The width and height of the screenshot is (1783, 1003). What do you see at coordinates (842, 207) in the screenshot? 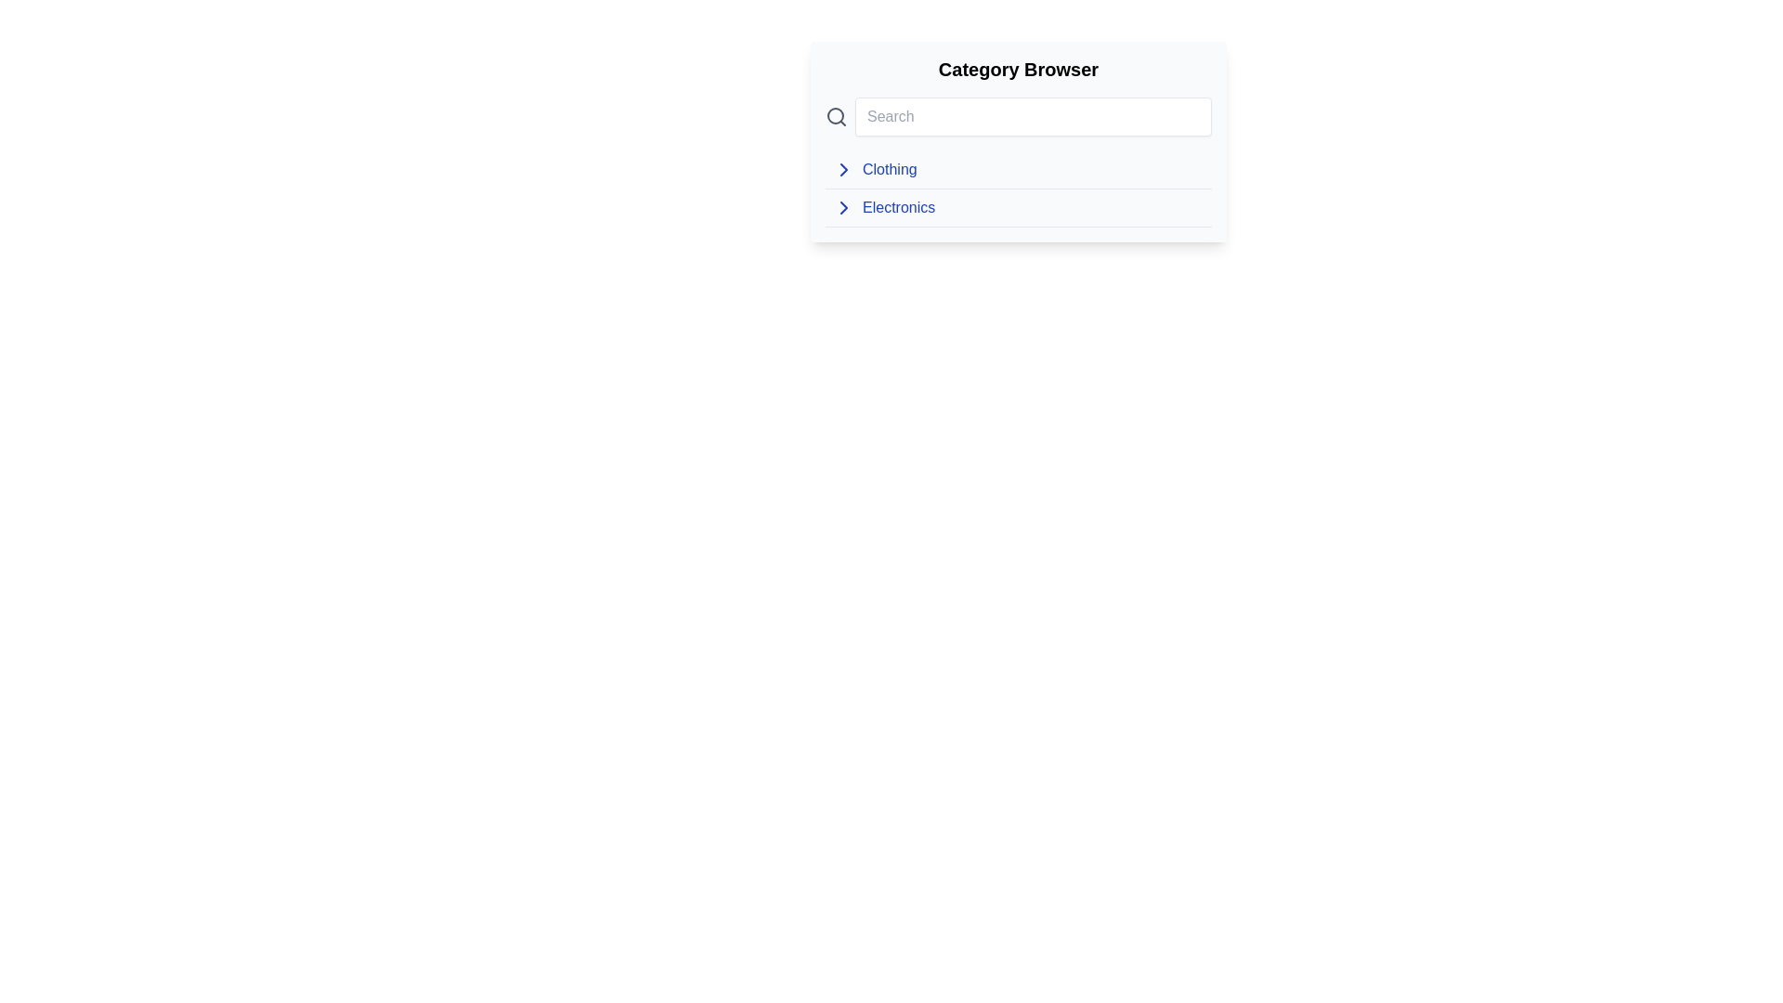
I see `the visual indicator icon that signifies the 'Electronics' category's drill-down structure, located immediately to the left of the 'Electronics' text item` at bounding box center [842, 207].